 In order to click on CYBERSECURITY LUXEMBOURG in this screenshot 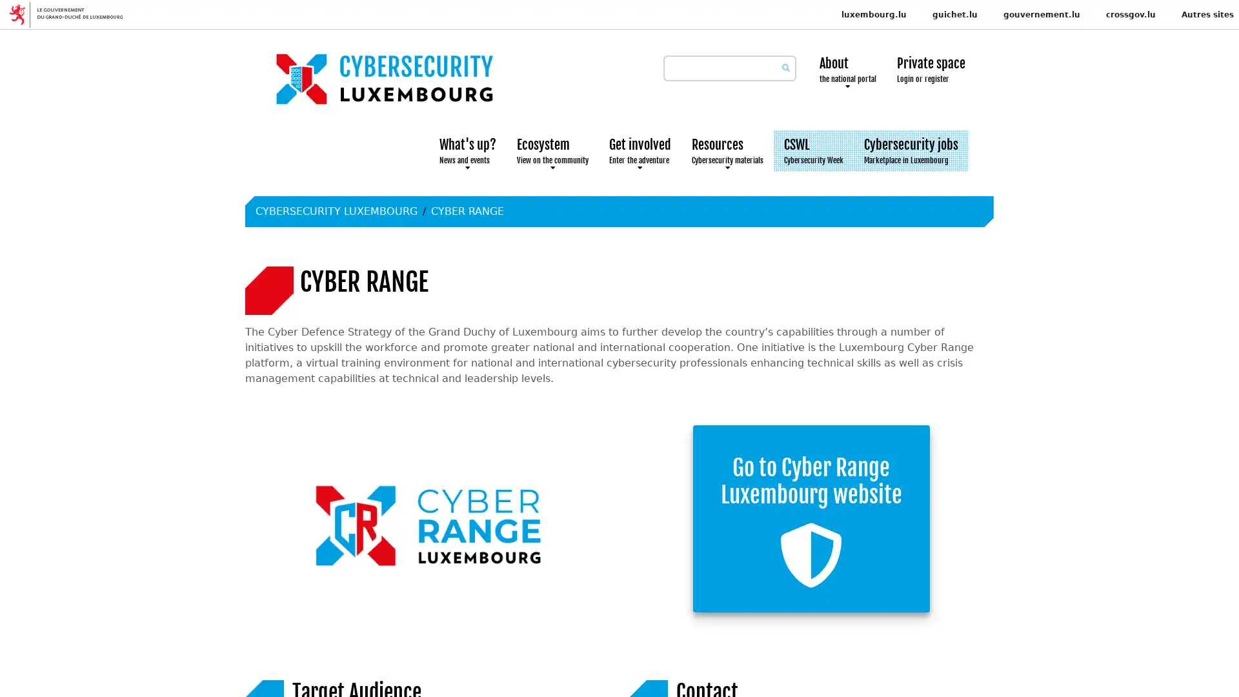, I will do `click(336, 210)`.